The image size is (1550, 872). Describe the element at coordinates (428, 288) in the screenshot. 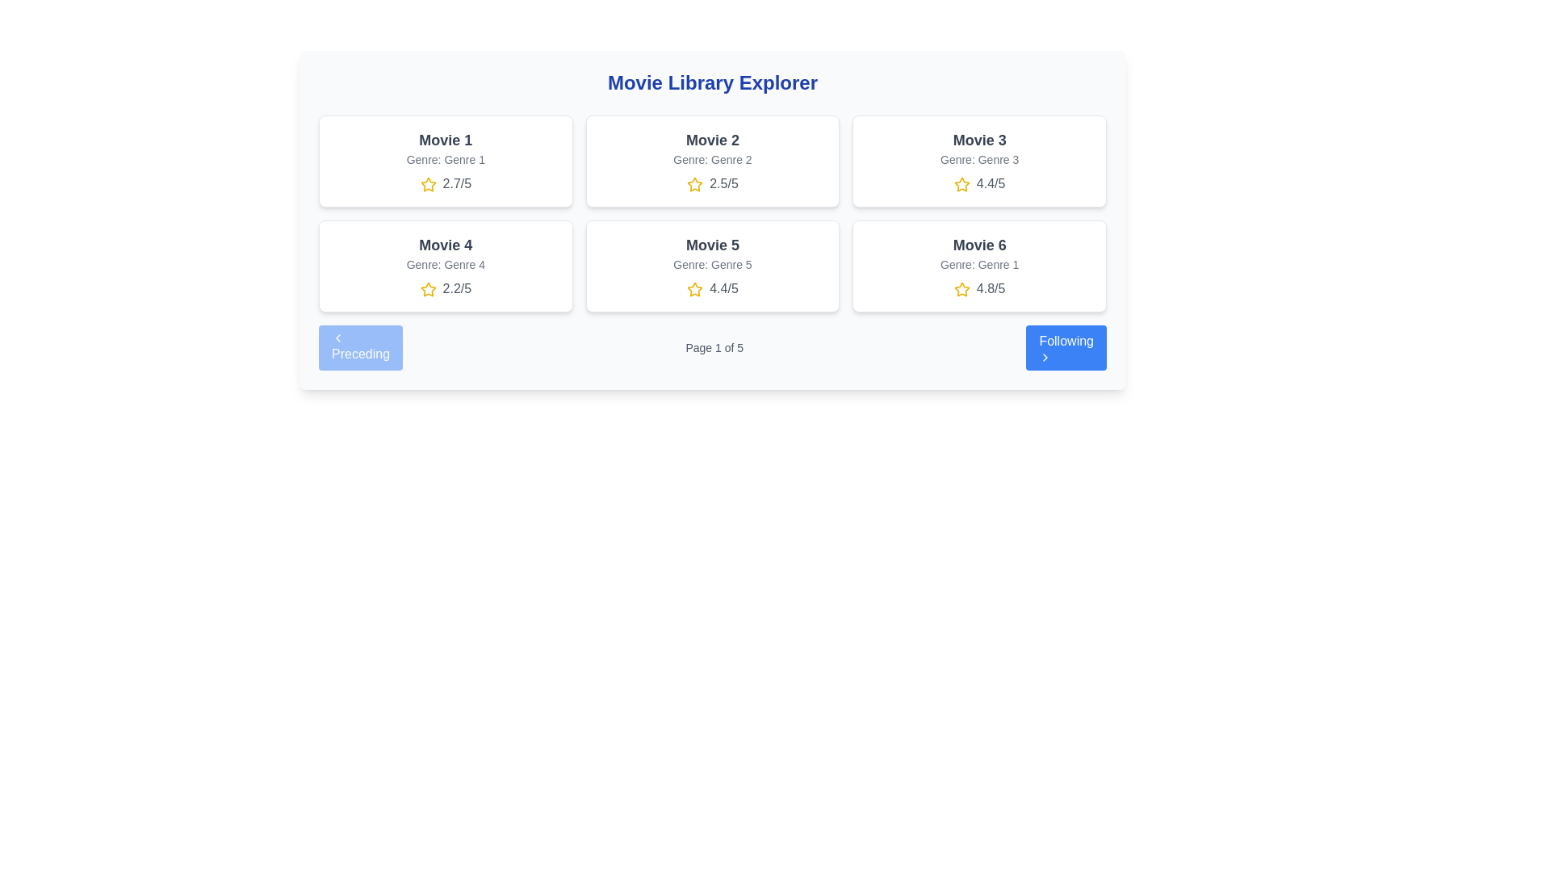

I see `the yellow star icon, which is styled with a consistent stroke width and represents a rating marker, located to the left of the '2.2/5' text and below the 'Movie 4 Genre: Genre 4' header in the movie card grid` at that location.